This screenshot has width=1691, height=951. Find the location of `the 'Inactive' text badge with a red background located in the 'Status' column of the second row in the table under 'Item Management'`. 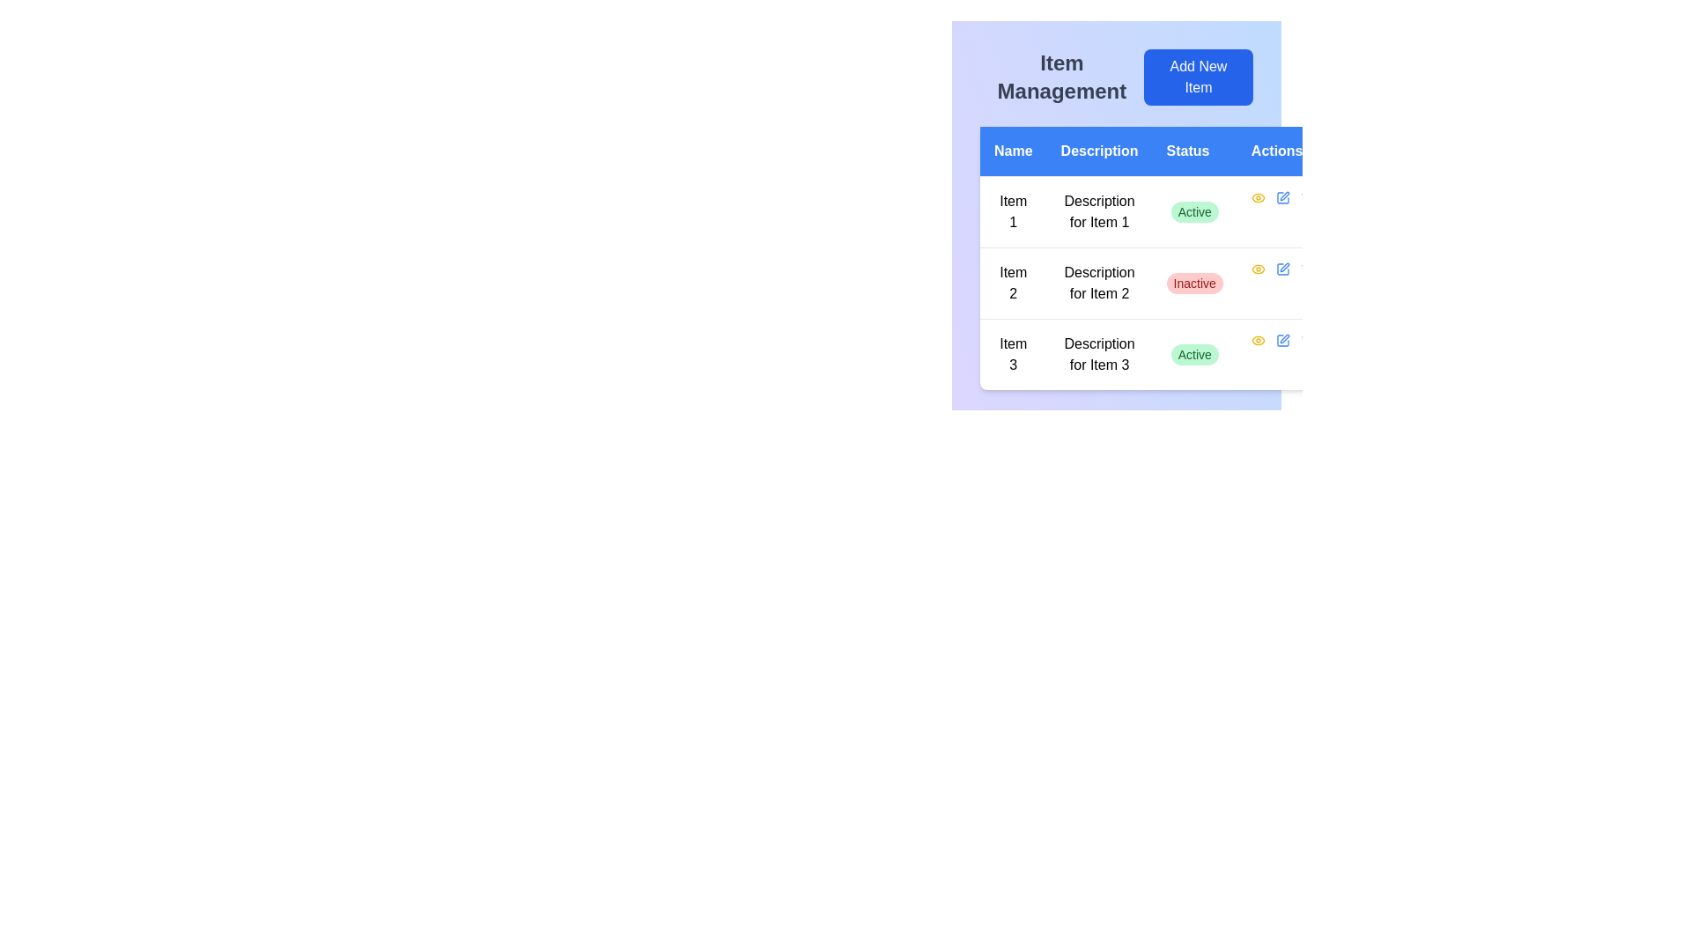

the 'Inactive' text badge with a red background located in the 'Status' column of the second row in the table under 'Item Management' is located at coordinates (1194, 282).